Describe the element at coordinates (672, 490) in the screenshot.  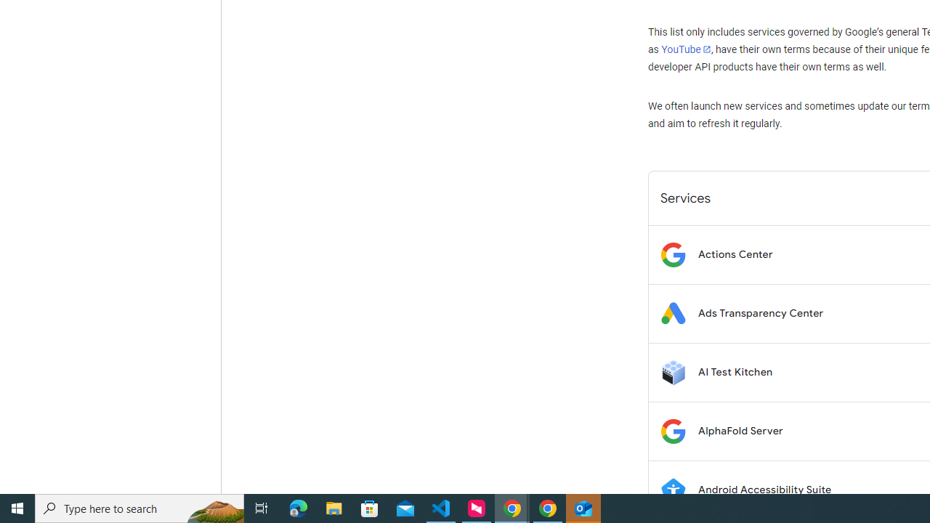
I see `'Logo for Android Accessibility Suite'` at that location.